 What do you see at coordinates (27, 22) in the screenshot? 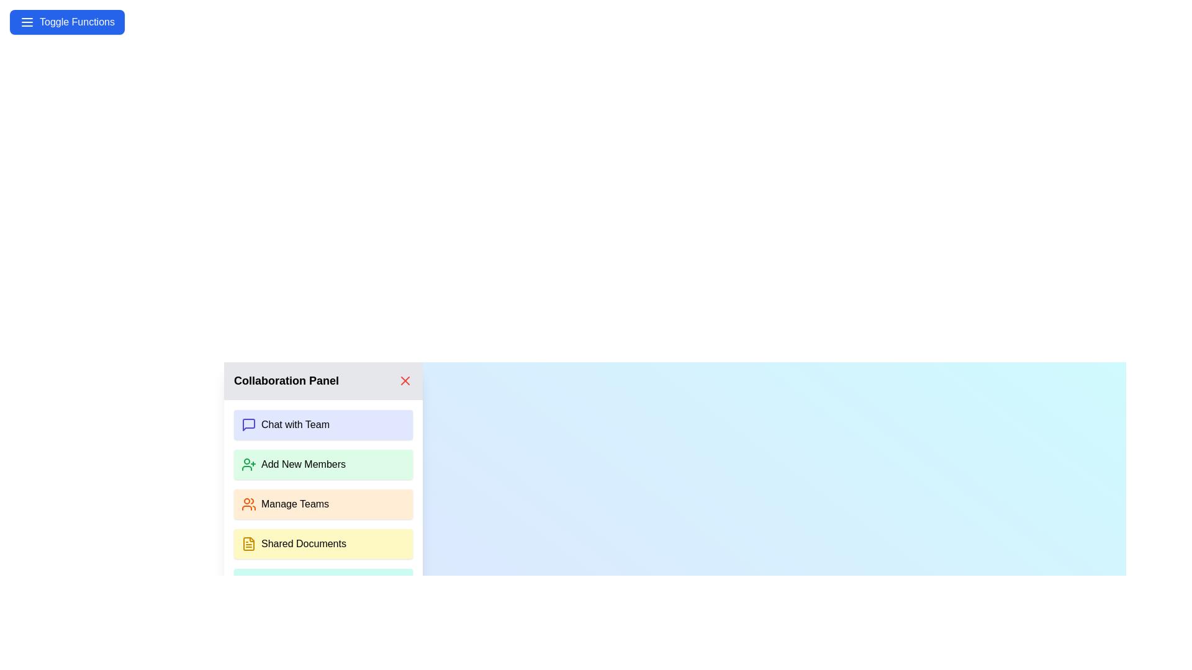
I see `the Menu Icon, which is a white horizontally aligned icon with three stacked lines located inside the blue button labeled 'Toggle Functions' in the top-left corner of the interface` at bounding box center [27, 22].